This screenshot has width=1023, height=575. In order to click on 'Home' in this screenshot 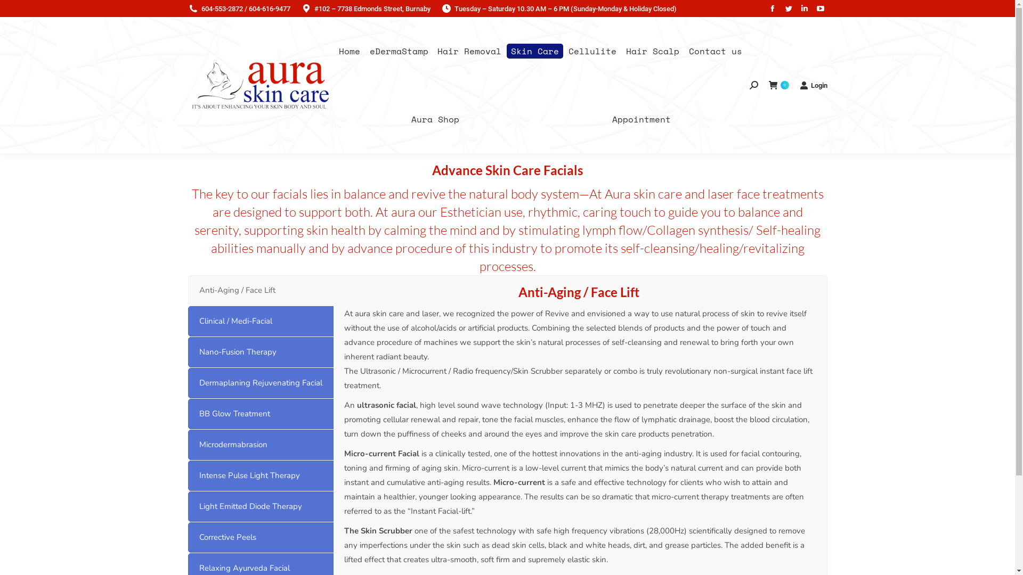, I will do `click(350, 51)`.